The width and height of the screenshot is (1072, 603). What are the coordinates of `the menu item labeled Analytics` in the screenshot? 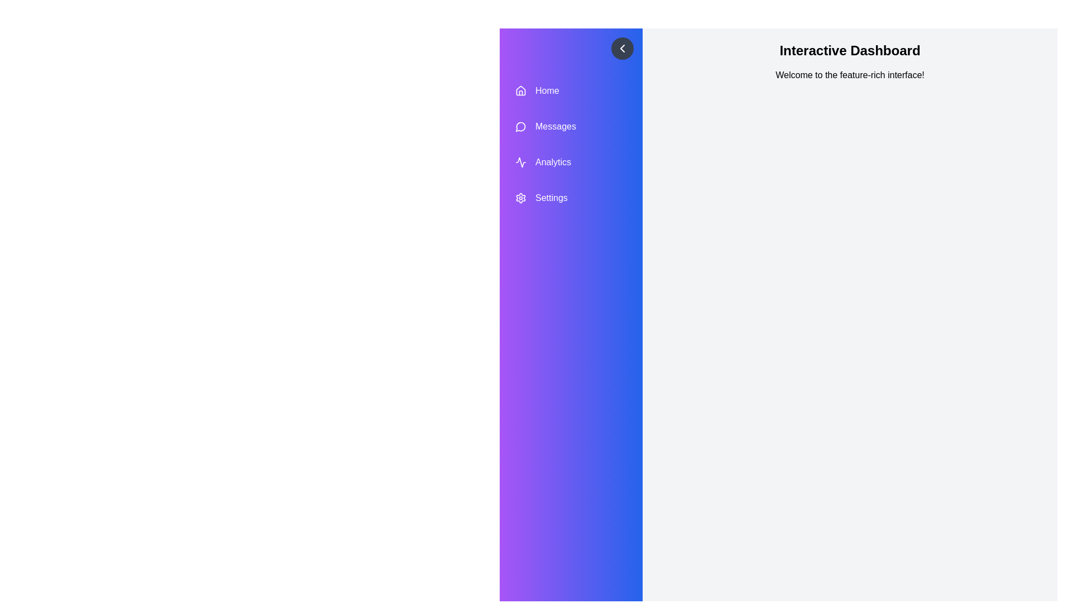 It's located at (571, 162).